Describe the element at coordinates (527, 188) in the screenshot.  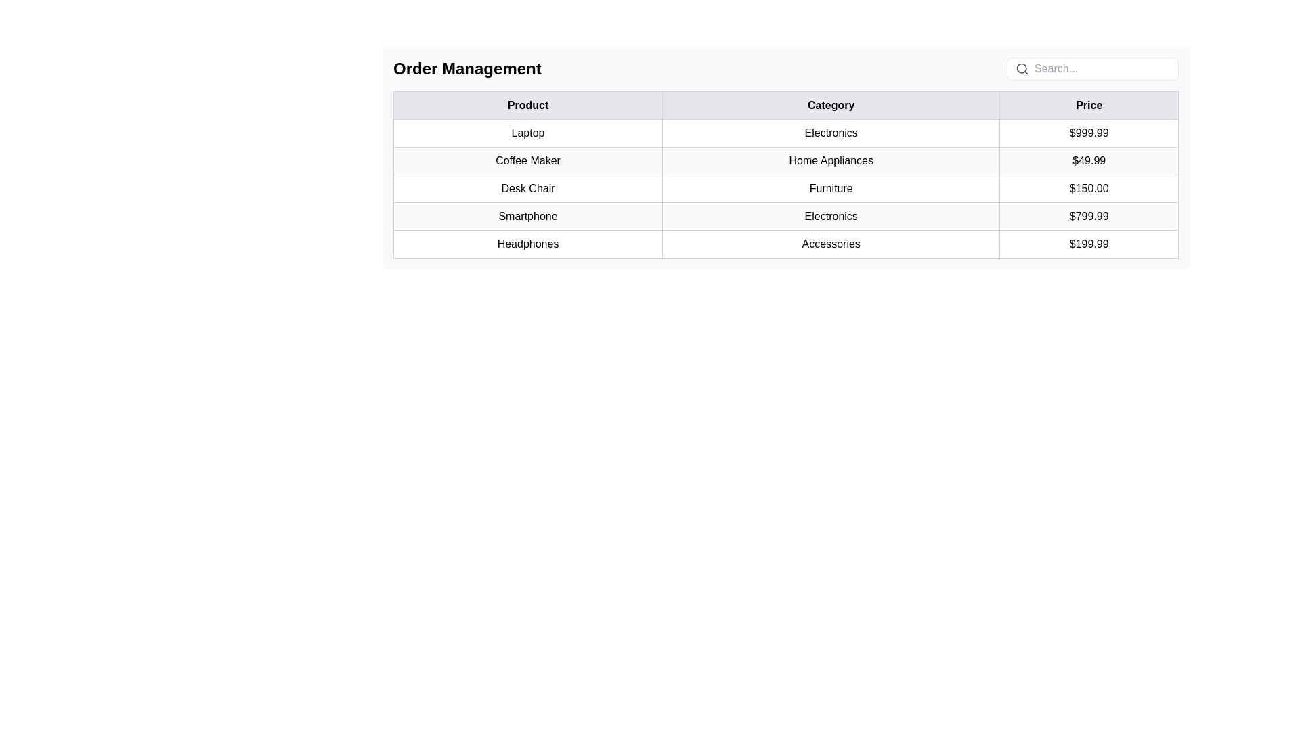
I see `the 'Desk Chair' text label located in the third row of the 'Product' column in the tabular interface` at that location.